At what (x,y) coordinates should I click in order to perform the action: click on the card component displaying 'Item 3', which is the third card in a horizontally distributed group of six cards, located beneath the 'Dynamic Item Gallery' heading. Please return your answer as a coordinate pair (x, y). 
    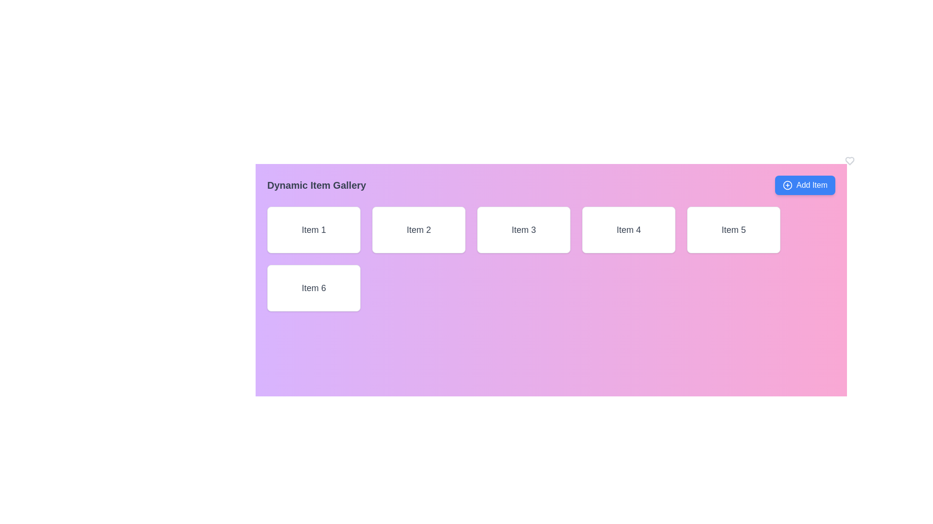
    Looking at the image, I should click on (523, 230).